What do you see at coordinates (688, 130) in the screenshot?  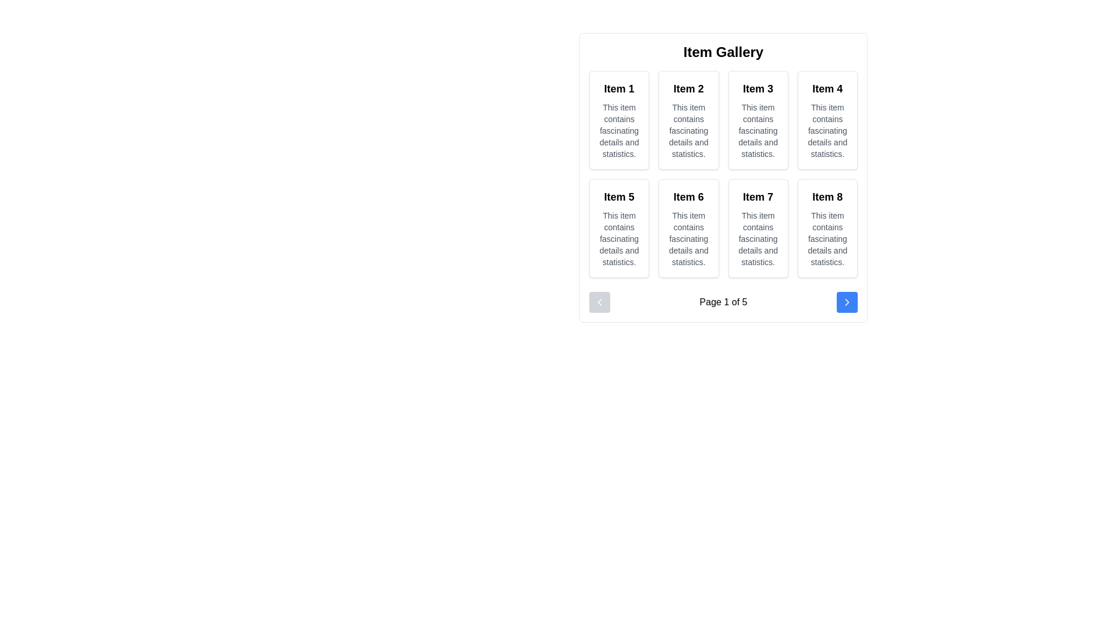 I see `the text block that reads 'This item contains fascinating details and statistics.' located in the card layout for 'Item 2', positioned below its title` at bounding box center [688, 130].